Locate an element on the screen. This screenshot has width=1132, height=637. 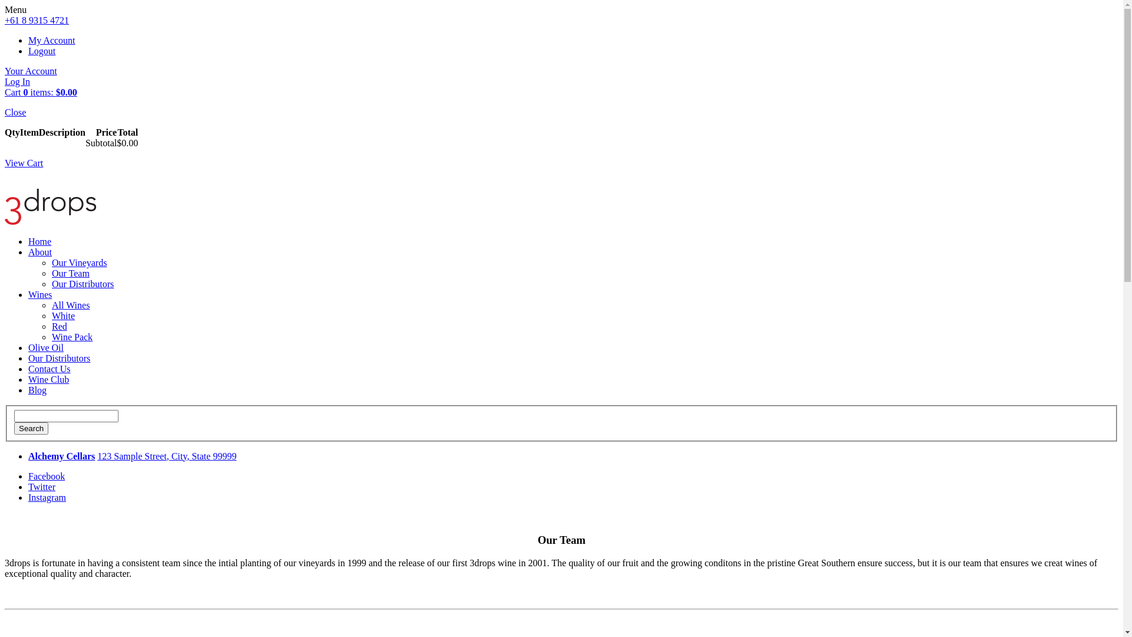
'My Account' is located at coordinates (51, 40).